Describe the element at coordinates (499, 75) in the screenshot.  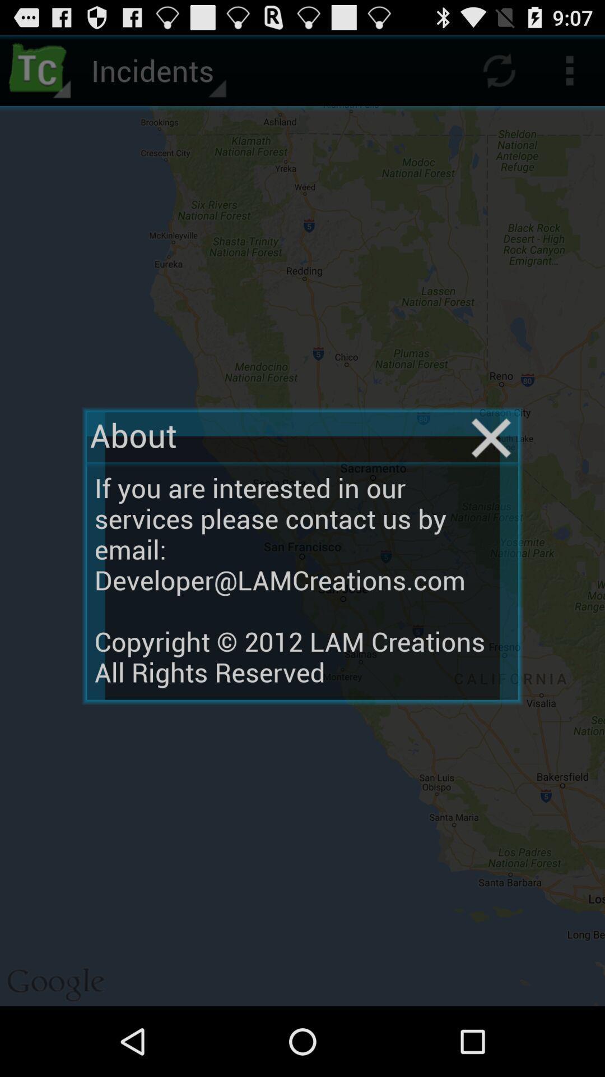
I see `the refresh icon` at that location.